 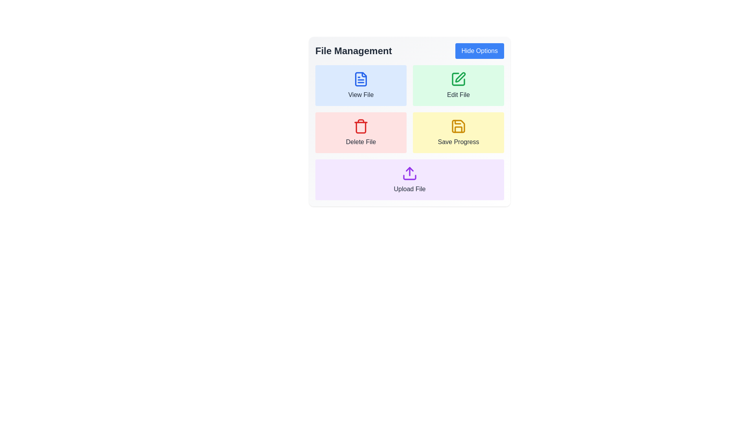 I want to click on the Edit File icon located in the top-right section of the File Management interface to initiate editing a file, so click(x=459, y=79).